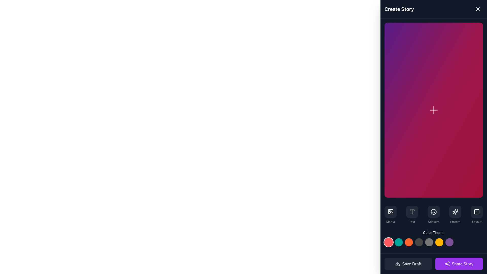 This screenshot has height=274, width=487. What do you see at coordinates (477, 9) in the screenshot?
I see `the small 'X' icon close button located at the top-right corner of the 'Create Story' panel to observe a visual change` at bounding box center [477, 9].